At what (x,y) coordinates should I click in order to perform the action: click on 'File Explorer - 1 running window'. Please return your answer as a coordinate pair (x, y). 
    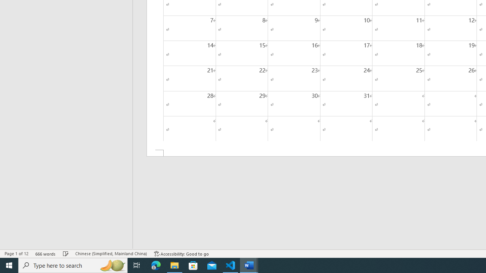
    Looking at the image, I should click on (174, 265).